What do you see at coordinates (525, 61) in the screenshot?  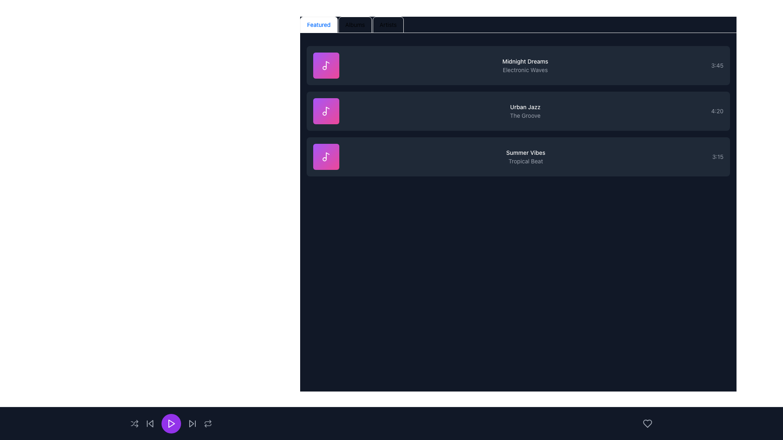 I see `to select the text element labeled 'Midnight Dreams', which is styled in white and positioned prominently above the subtitle 'Electronic Waves'` at bounding box center [525, 61].